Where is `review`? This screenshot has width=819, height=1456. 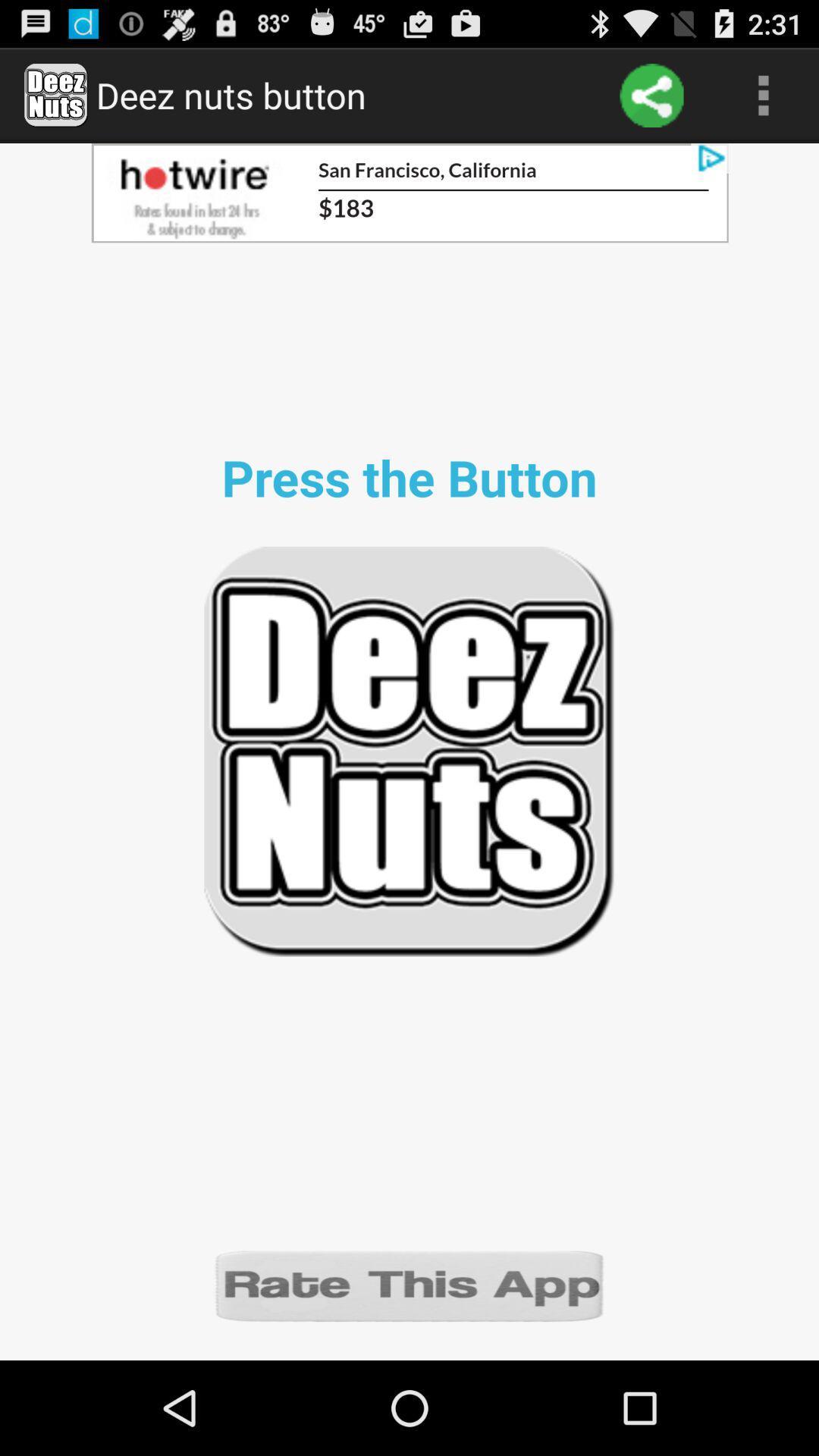
review is located at coordinates (409, 1284).